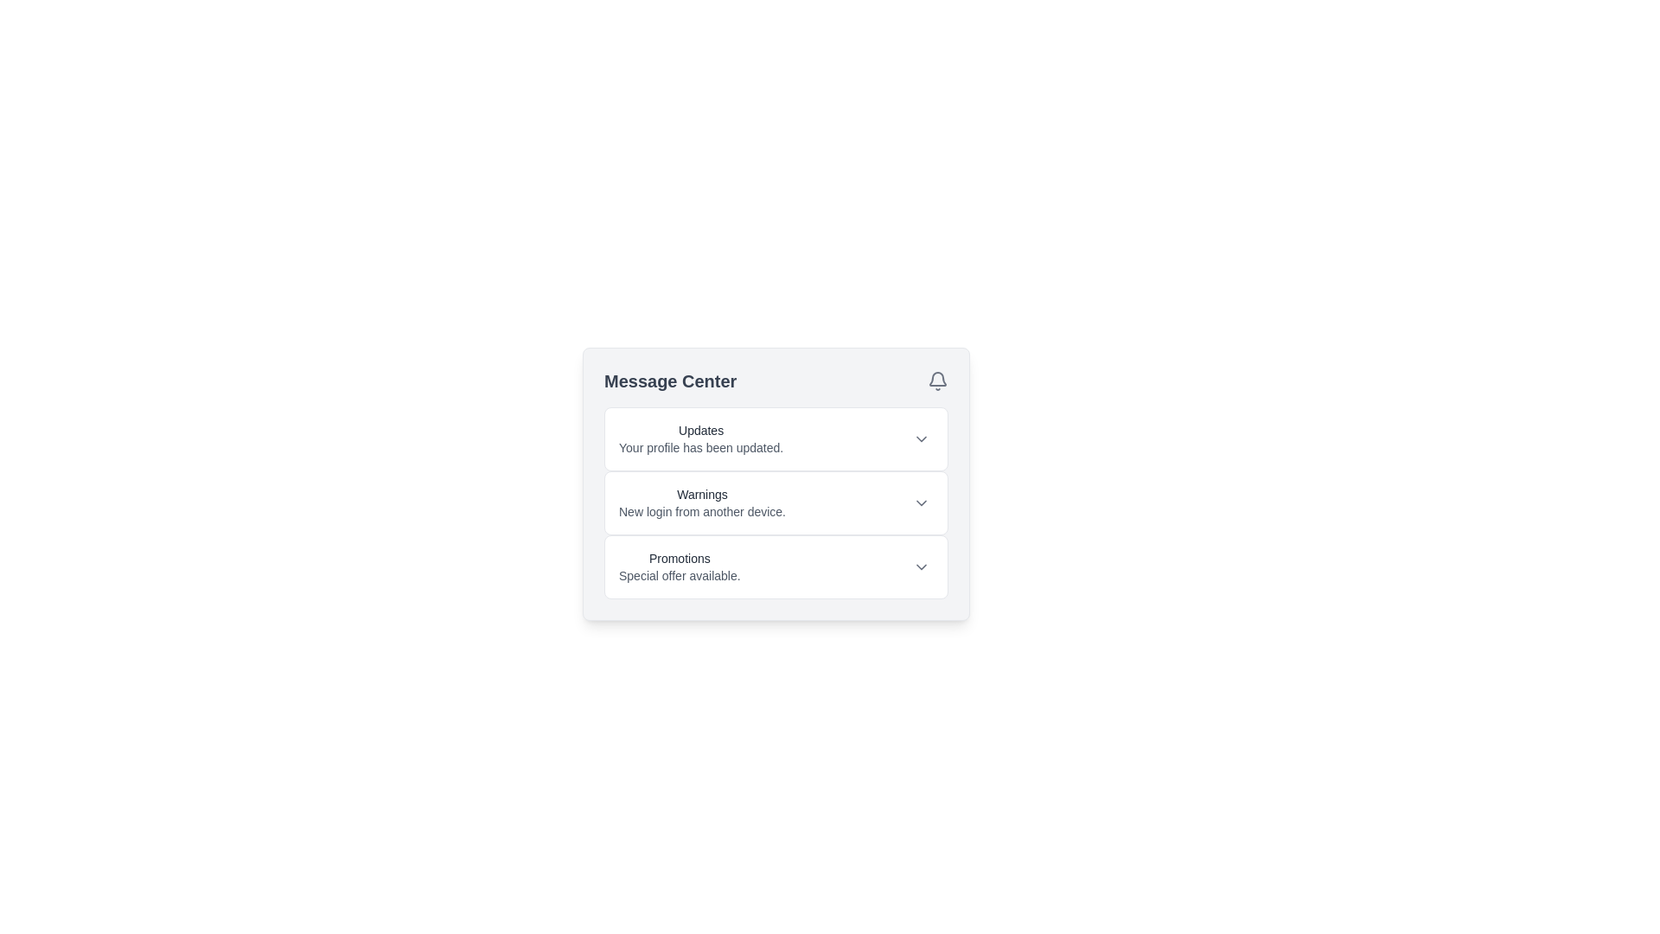  Describe the element at coordinates (701, 438) in the screenshot. I see `text of the first notification entry in the Message Center interface, which informs about a profile update` at that location.